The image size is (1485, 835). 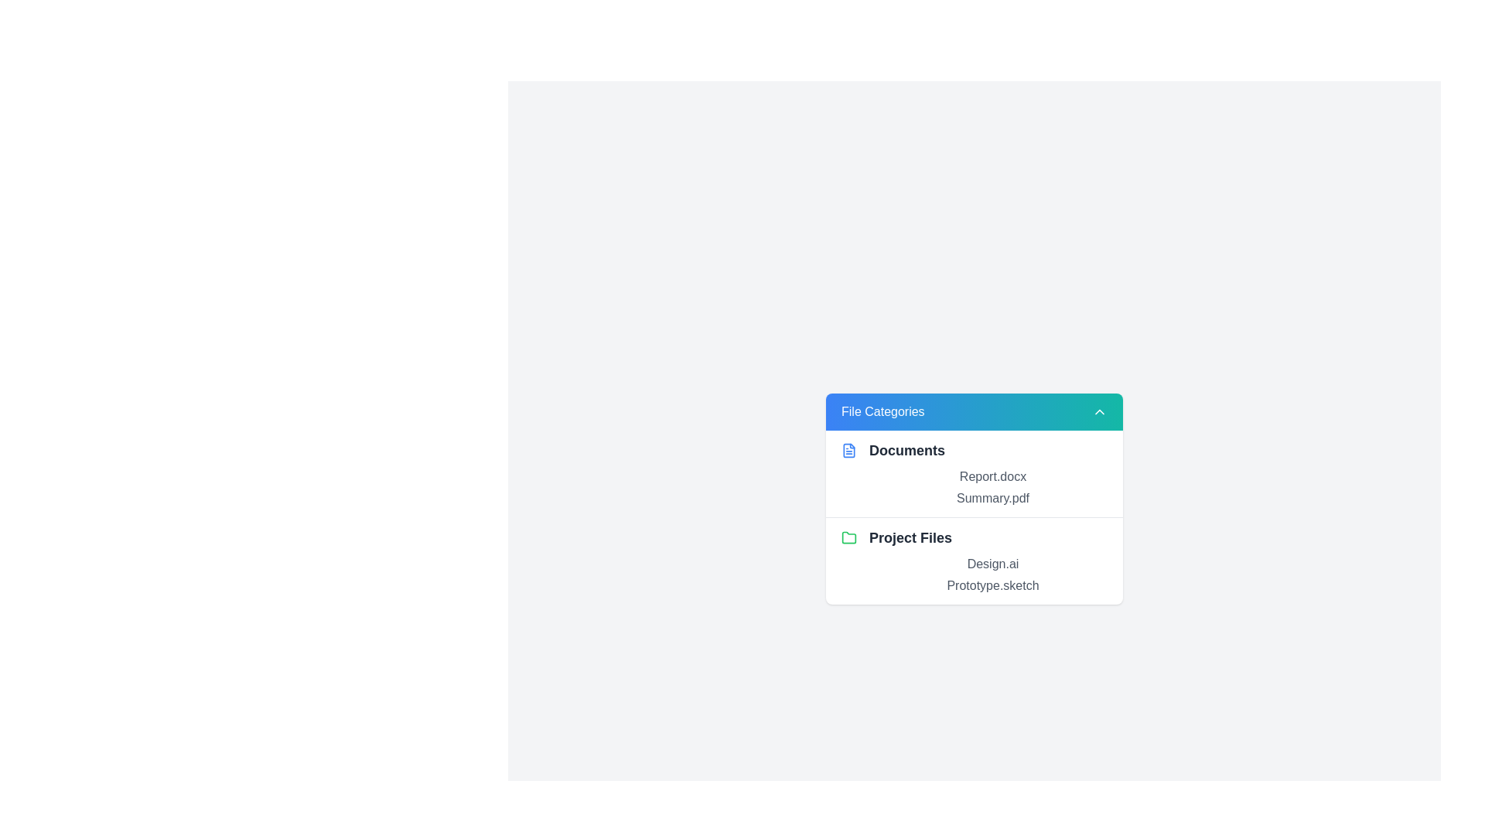 I want to click on the 'Documents' text label, which is styled in bold, large dark gray text against a light background, located to the right of the document icon in the 'File Categories' section, so click(x=906, y=450).